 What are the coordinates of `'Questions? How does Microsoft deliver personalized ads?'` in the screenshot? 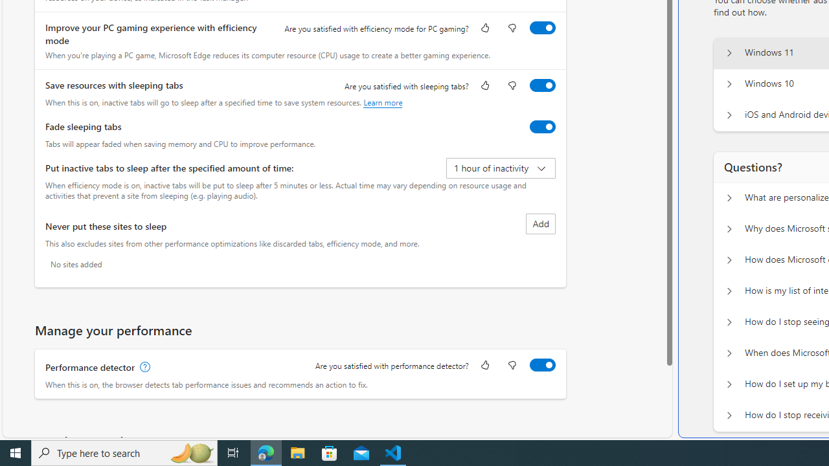 It's located at (729, 260).